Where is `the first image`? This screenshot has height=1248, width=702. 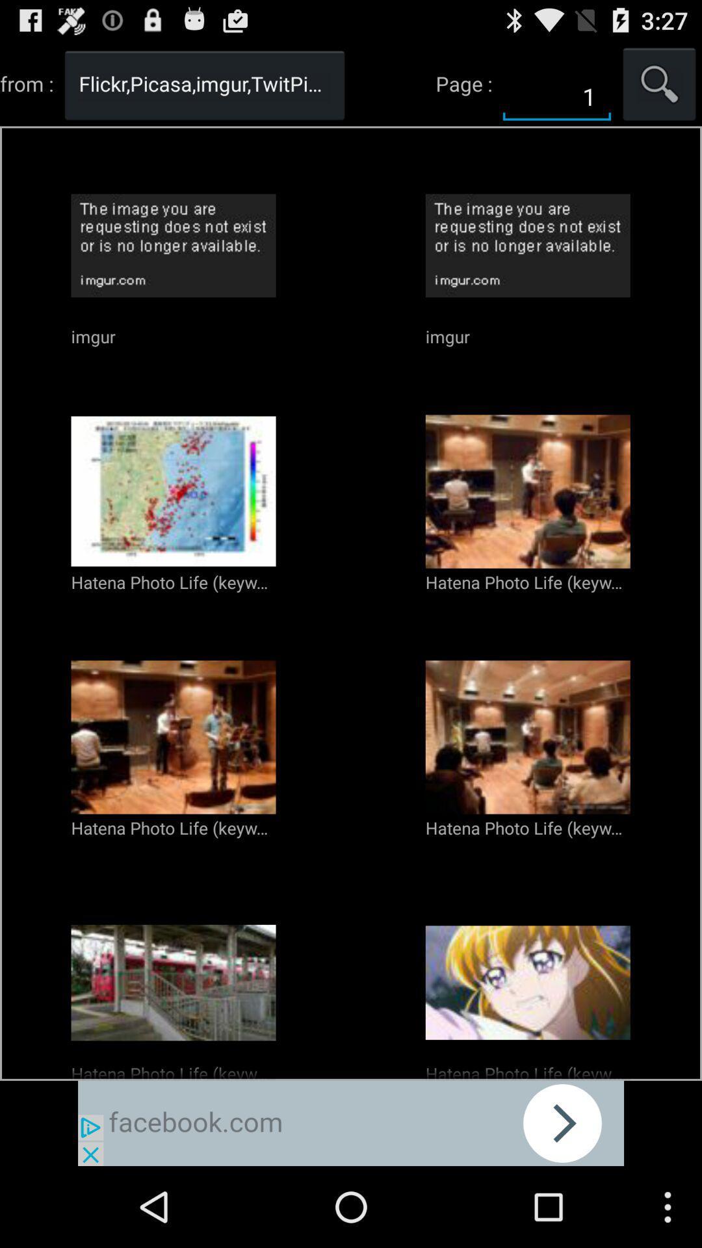
the first image is located at coordinates (173, 491).